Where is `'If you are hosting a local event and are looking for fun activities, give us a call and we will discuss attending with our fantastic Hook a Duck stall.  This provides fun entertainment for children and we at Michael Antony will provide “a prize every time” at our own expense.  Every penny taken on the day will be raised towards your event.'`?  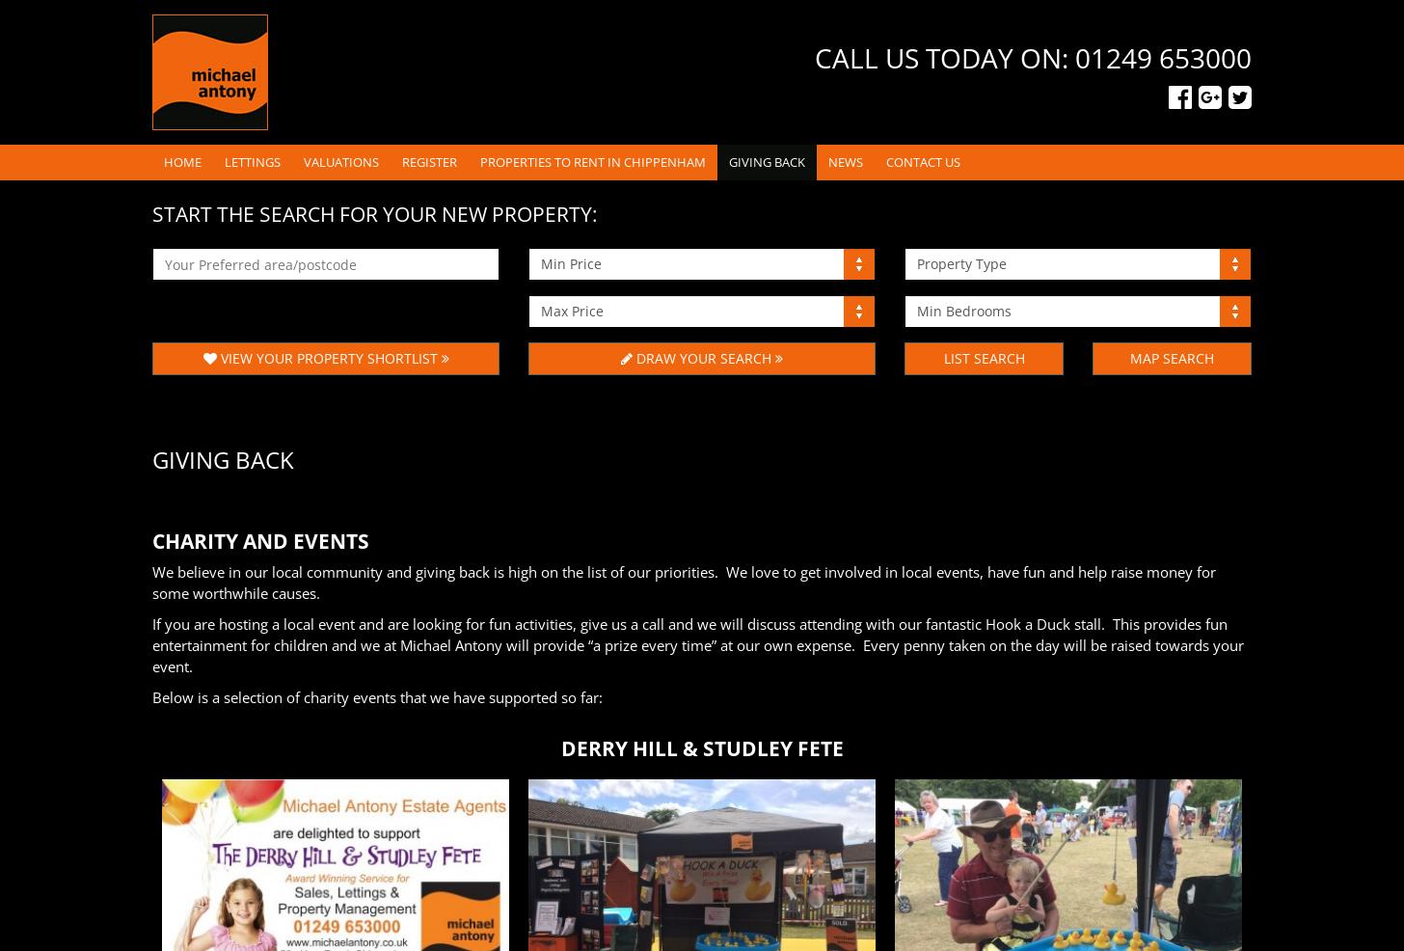
'If you are hosting a local event and are looking for fun activities, give us a call and we will discuss attending with our fantastic Hook a Duck stall.  This provides fun entertainment for children and we at Michael Antony will provide “a prize every time” at our own expense.  Every penny taken on the day will be raised towards your event.' is located at coordinates (698, 644).